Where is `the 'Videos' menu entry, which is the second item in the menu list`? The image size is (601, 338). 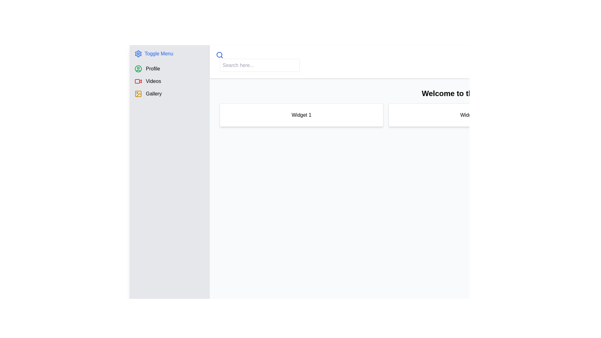 the 'Videos' menu entry, which is the second item in the menu list is located at coordinates (170, 81).